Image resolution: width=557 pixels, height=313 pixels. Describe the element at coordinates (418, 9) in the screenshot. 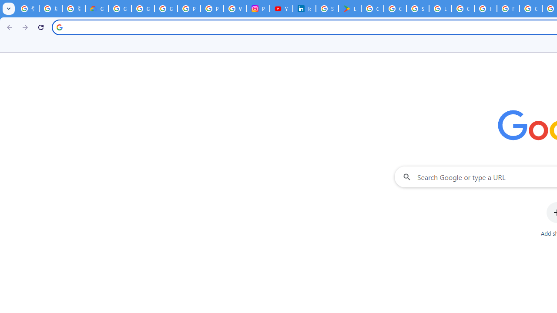

I see `'Sign in - Google Accounts'` at that location.